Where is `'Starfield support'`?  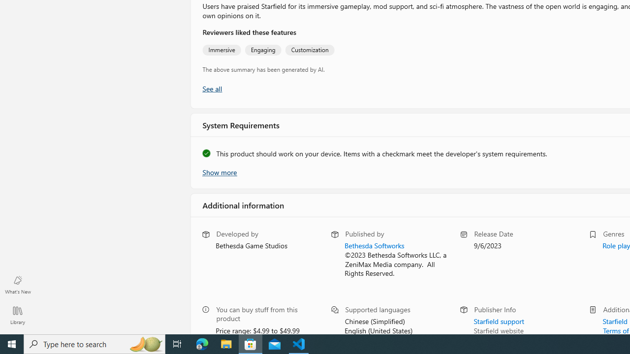
'Starfield support' is located at coordinates (499, 320).